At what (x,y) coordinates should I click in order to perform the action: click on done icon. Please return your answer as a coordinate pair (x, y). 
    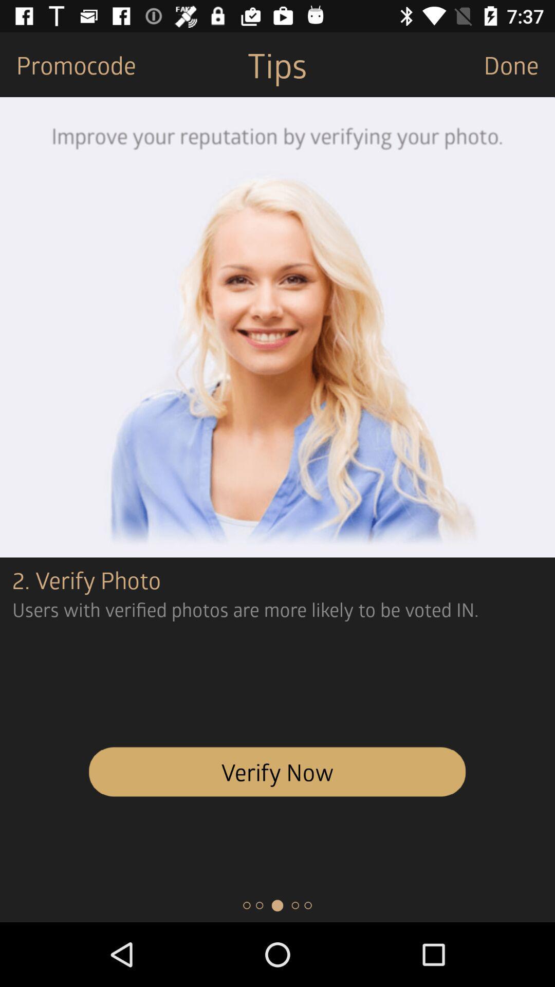
    Looking at the image, I should click on (519, 64).